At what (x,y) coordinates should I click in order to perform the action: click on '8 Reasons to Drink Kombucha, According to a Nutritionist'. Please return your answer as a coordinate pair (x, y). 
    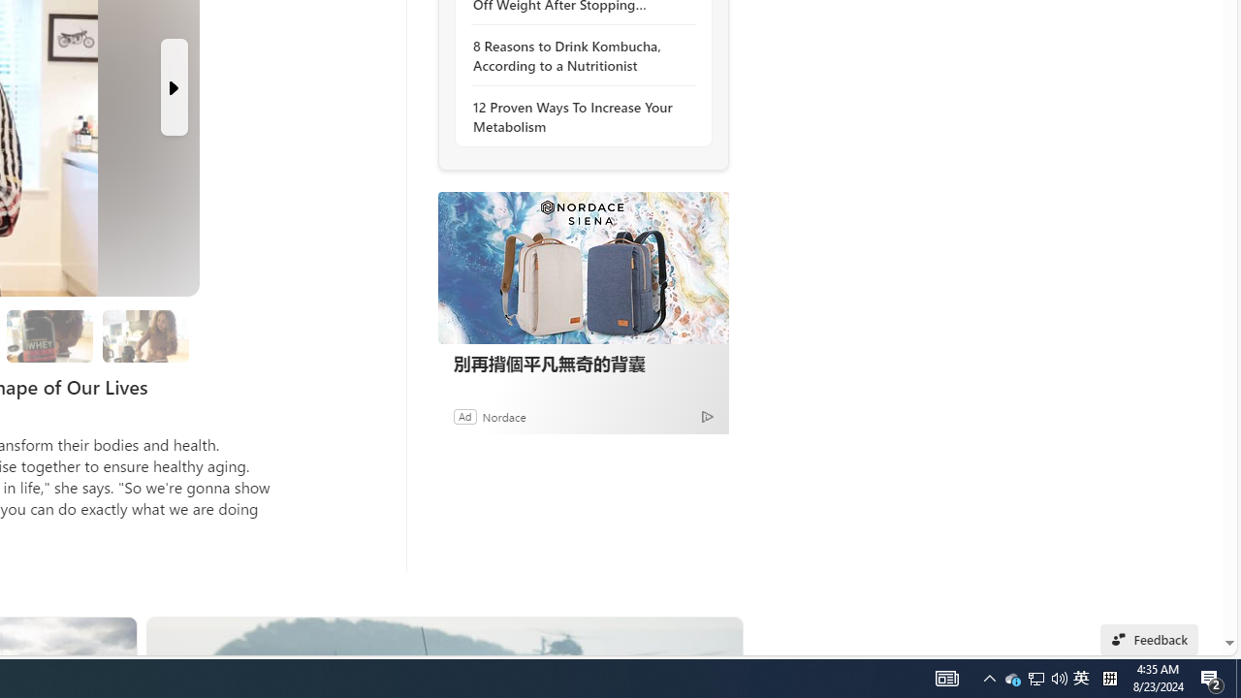
    Looking at the image, I should click on (577, 54).